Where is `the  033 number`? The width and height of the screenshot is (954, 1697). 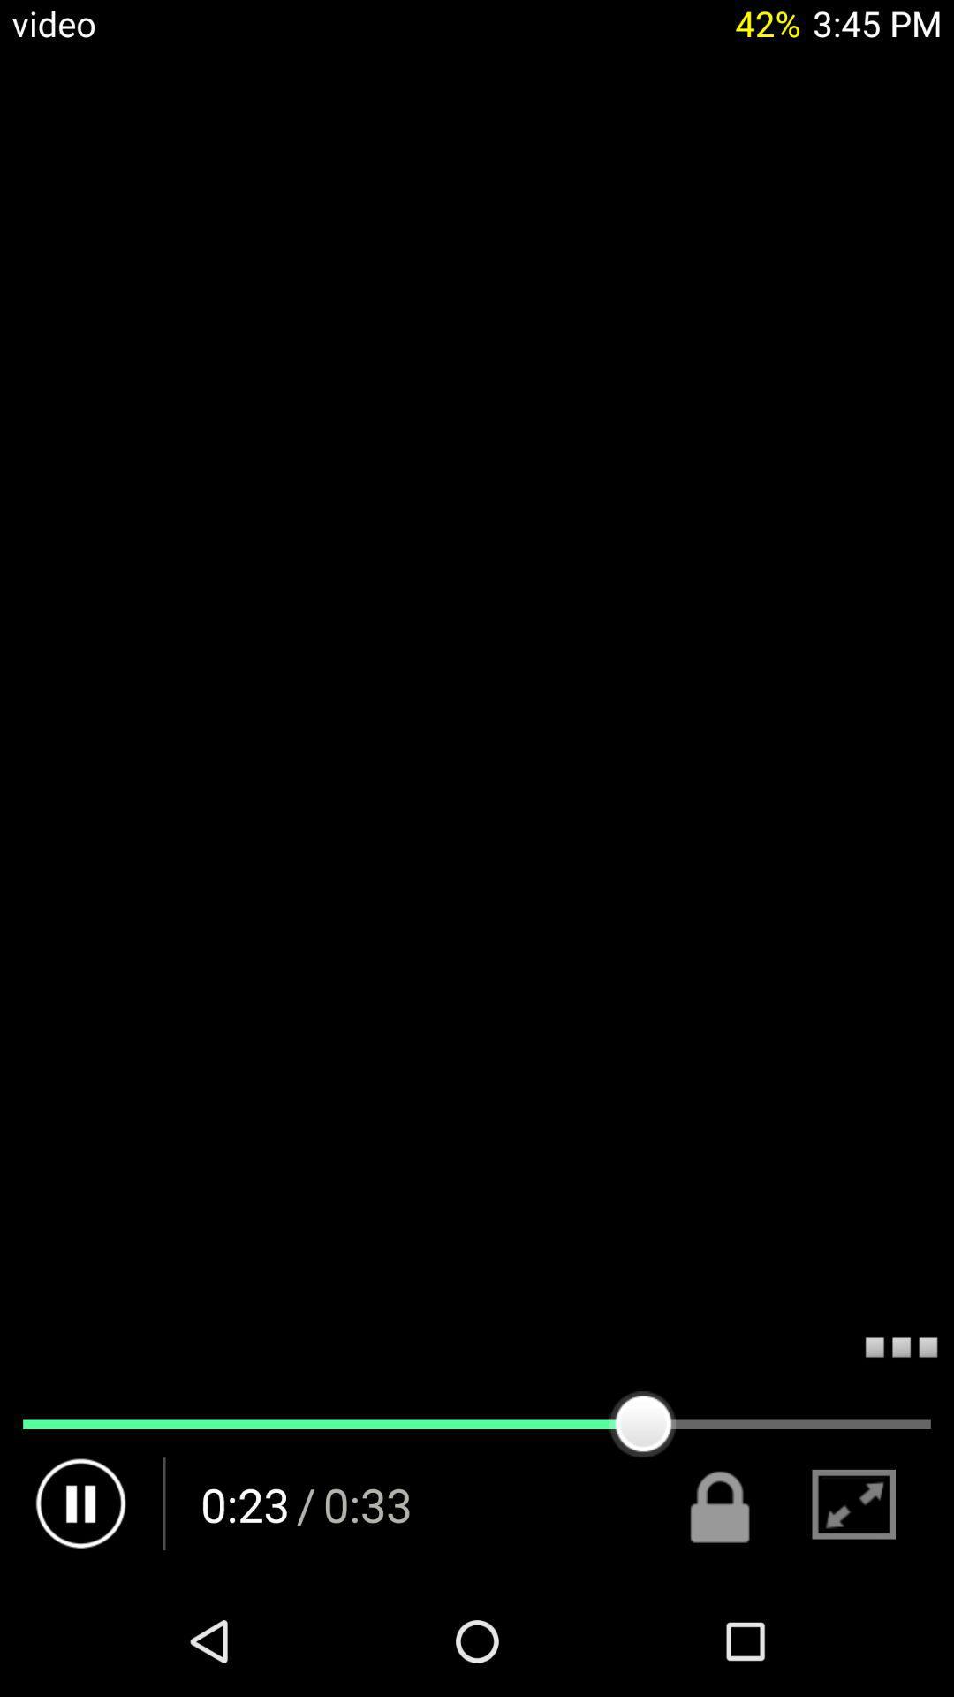 the  033 number is located at coordinates (367, 1503).